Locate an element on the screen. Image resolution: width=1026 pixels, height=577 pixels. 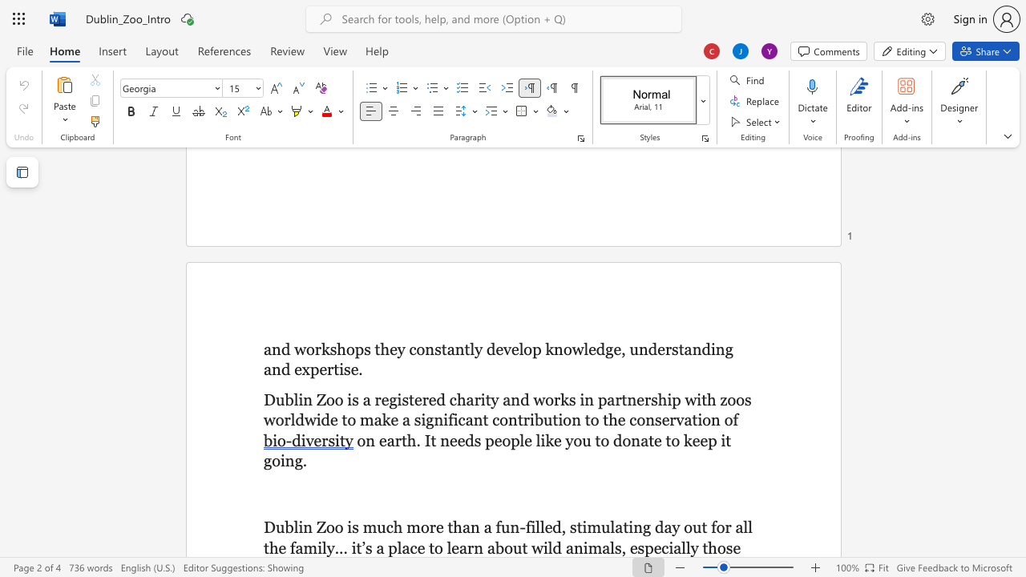
the 3th character "r" in the text is located at coordinates (476, 398).